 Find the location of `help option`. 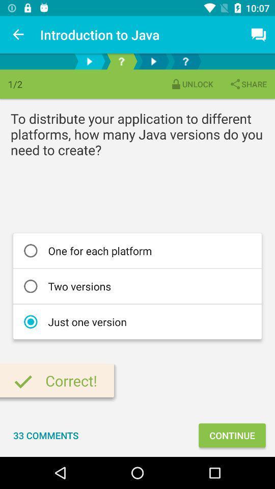

help option is located at coordinates (185, 61).